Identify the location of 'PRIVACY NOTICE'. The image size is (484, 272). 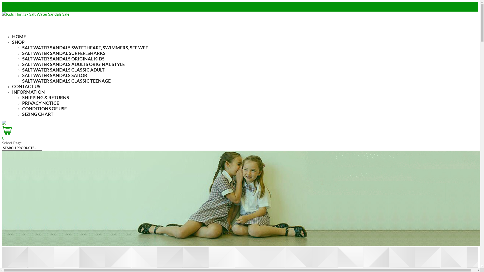
(41, 103).